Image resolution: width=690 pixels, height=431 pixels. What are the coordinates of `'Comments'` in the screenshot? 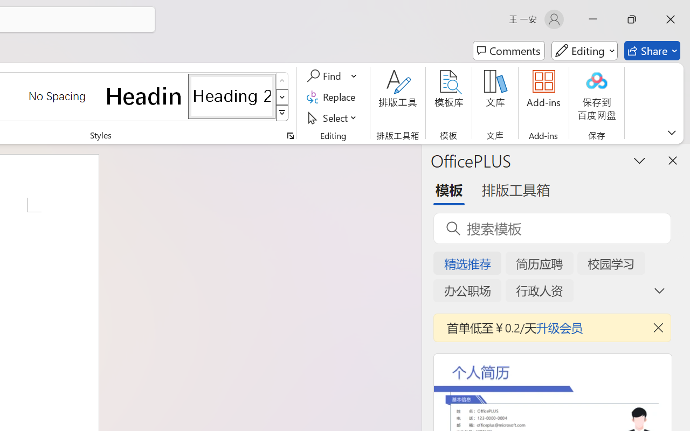 It's located at (508, 51).